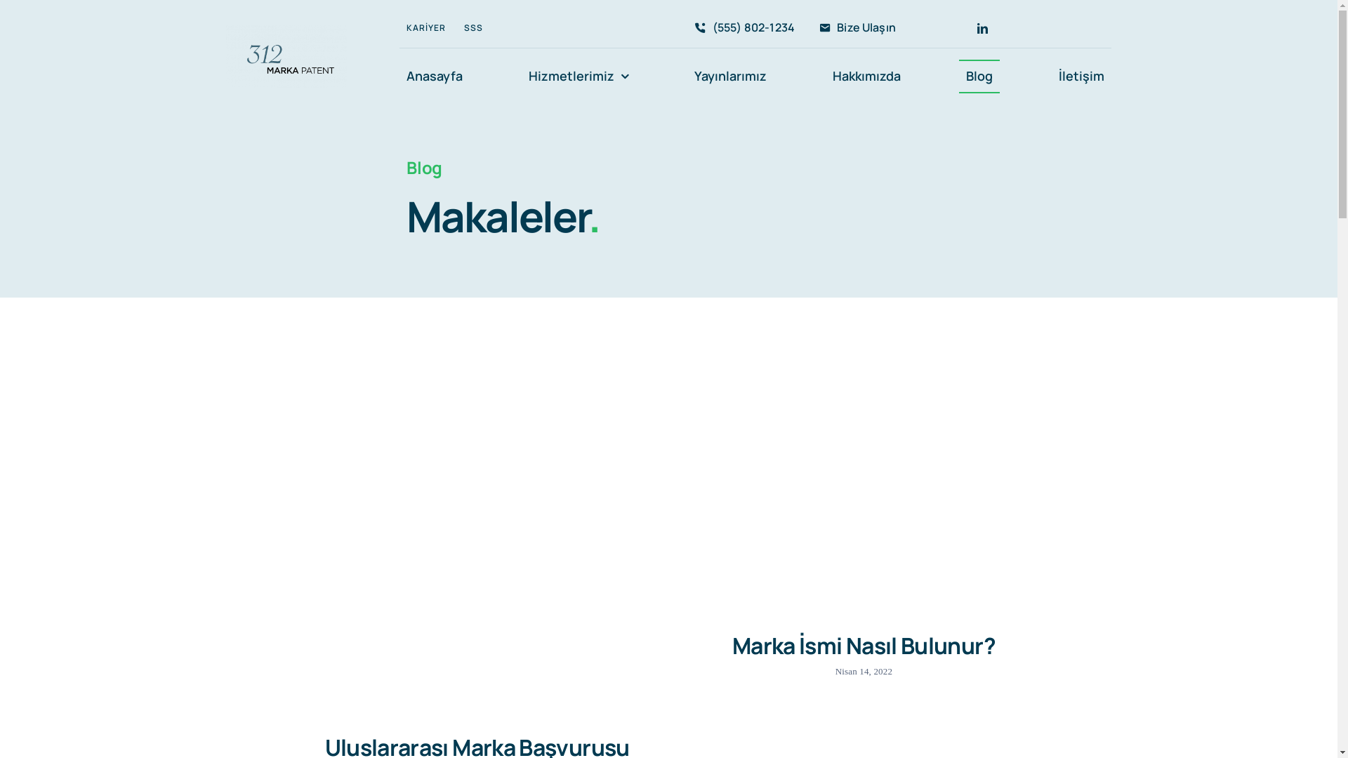 The width and height of the screenshot is (1348, 758). I want to click on '(555) 802-1234', so click(741, 28).